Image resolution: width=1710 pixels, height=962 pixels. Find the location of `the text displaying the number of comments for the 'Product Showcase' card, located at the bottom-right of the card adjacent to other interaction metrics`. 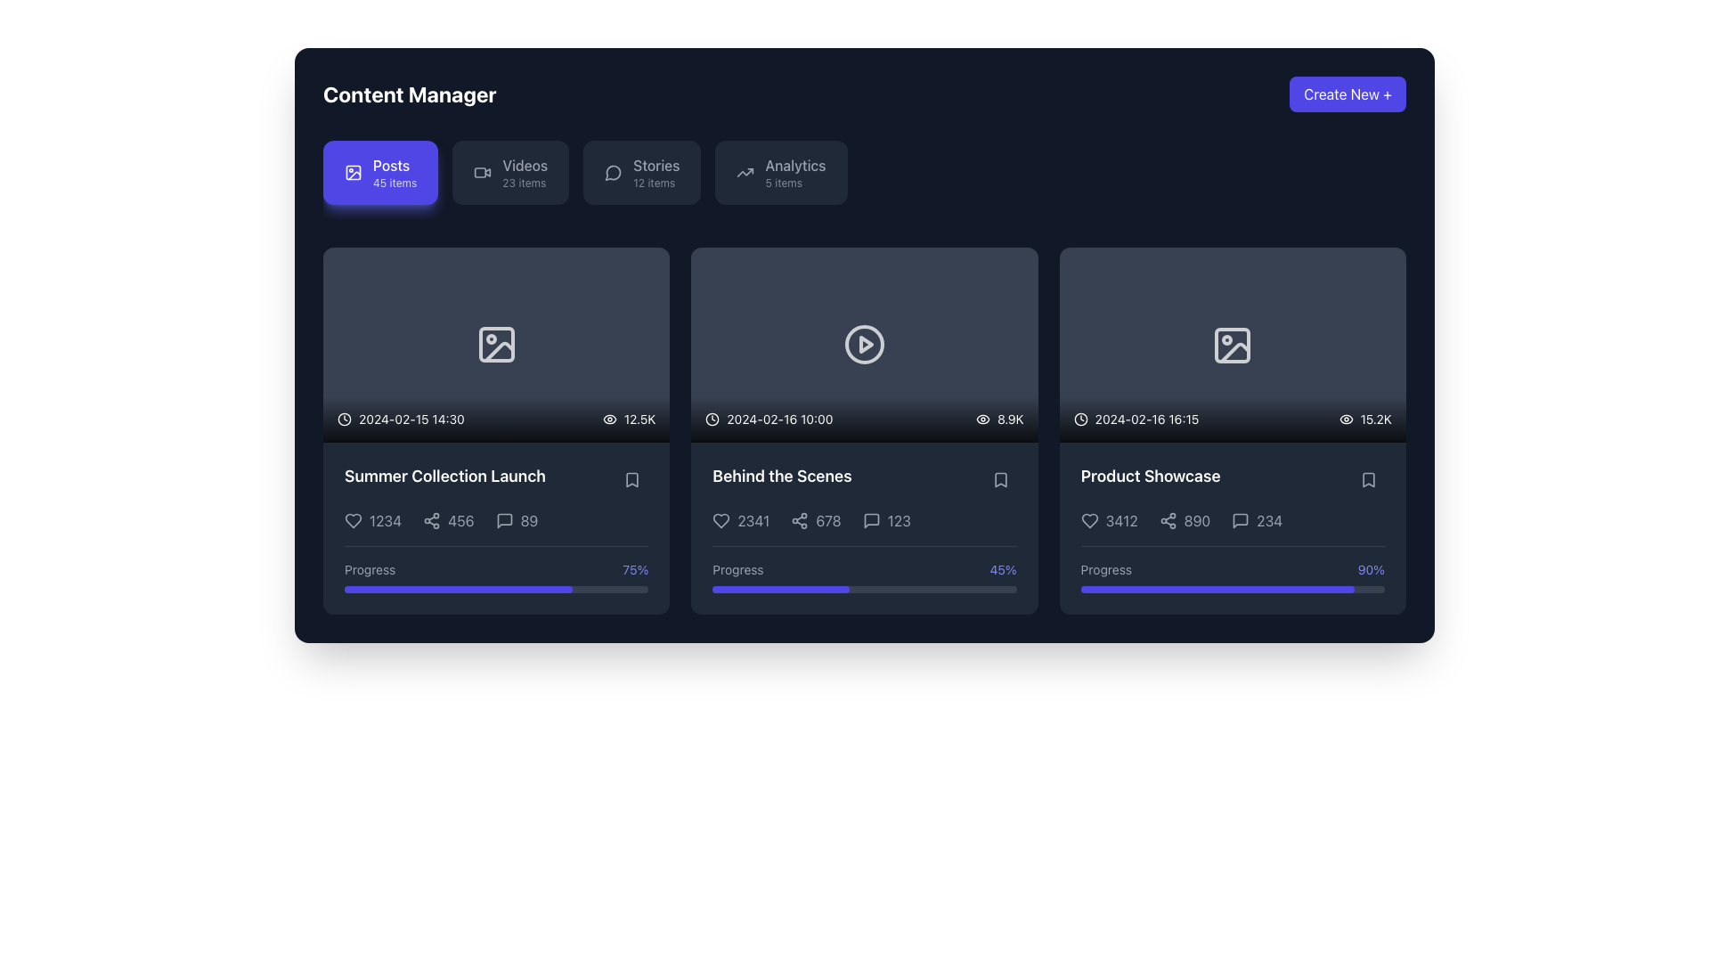

the text displaying the number of comments for the 'Product Showcase' card, located at the bottom-right of the card adjacent to other interaction metrics is located at coordinates (1256, 521).